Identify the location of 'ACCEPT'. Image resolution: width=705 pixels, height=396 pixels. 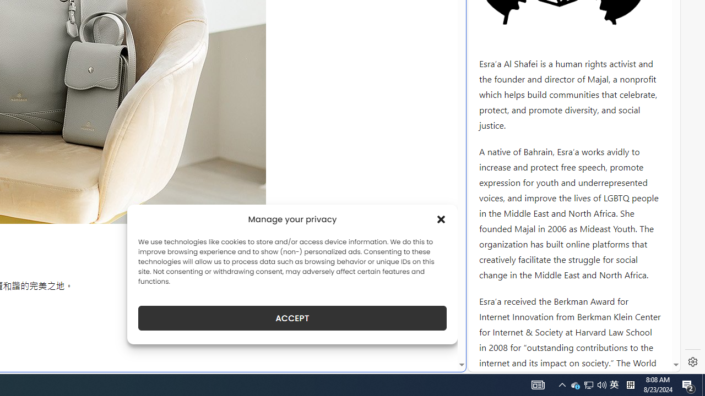
(292, 318).